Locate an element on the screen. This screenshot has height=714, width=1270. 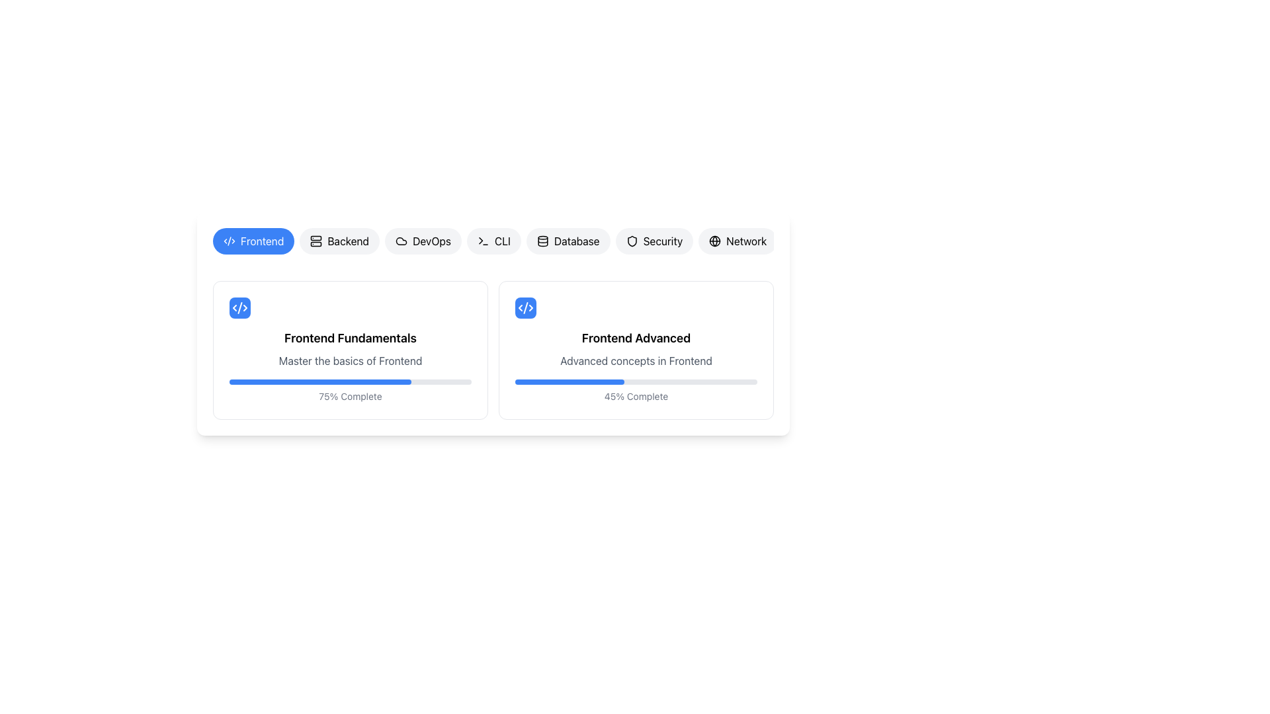
the 'Frontend' button with rounded edges and a vibrant blue background is located at coordinates (253, 241).